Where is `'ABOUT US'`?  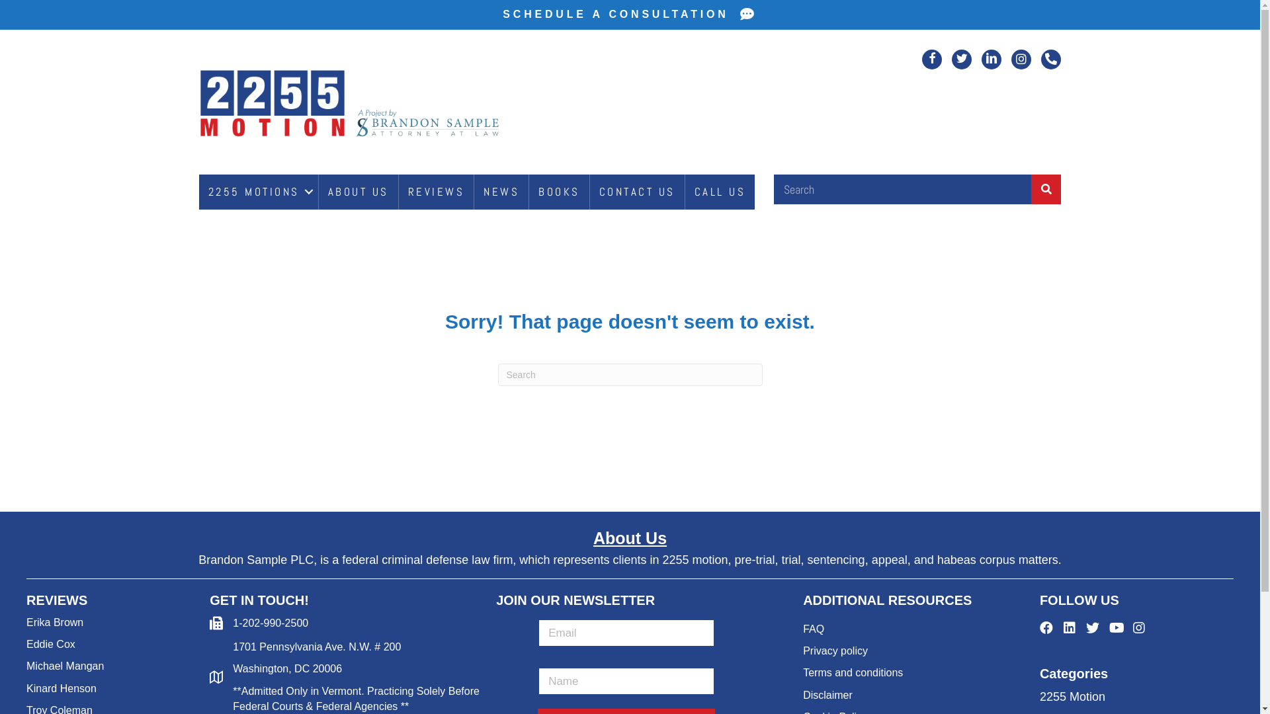 'ABOUT US' is located at coordinates (359, 192).